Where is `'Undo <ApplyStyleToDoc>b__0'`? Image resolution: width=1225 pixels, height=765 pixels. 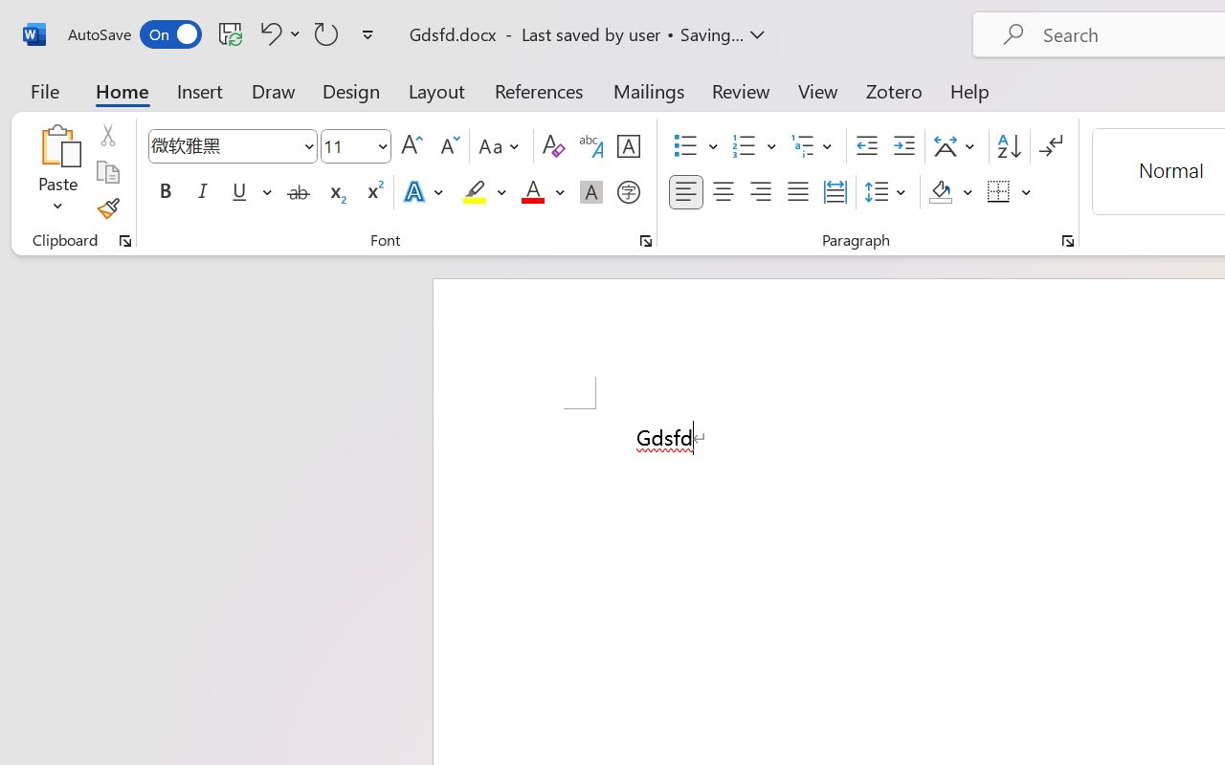 'Undo <ApplyStyleToDoc>b__0' is located at coordinates (267, 33).